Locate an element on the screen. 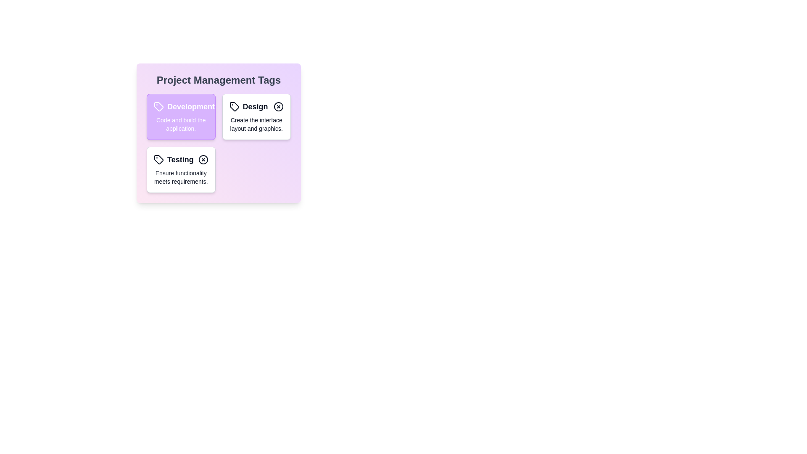 This screenshot has width=807, height=454. the tag with the title Testing is located at coordinates (180, 160).